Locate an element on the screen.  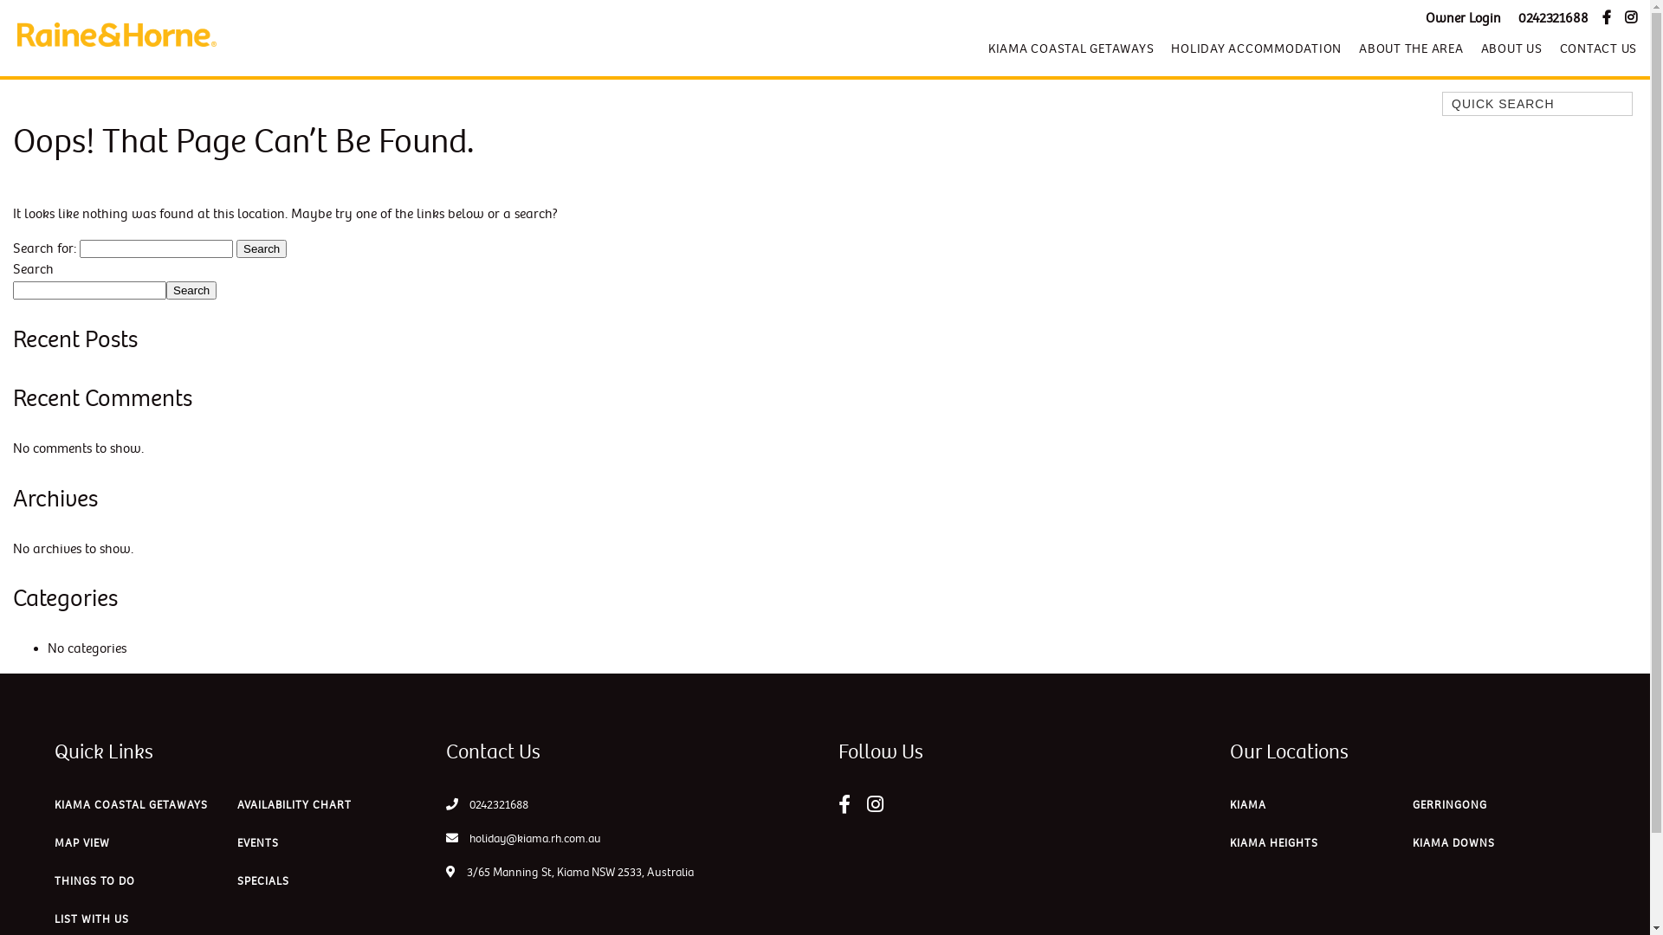
'Owner Login' is located at coordinates (1462, 18).